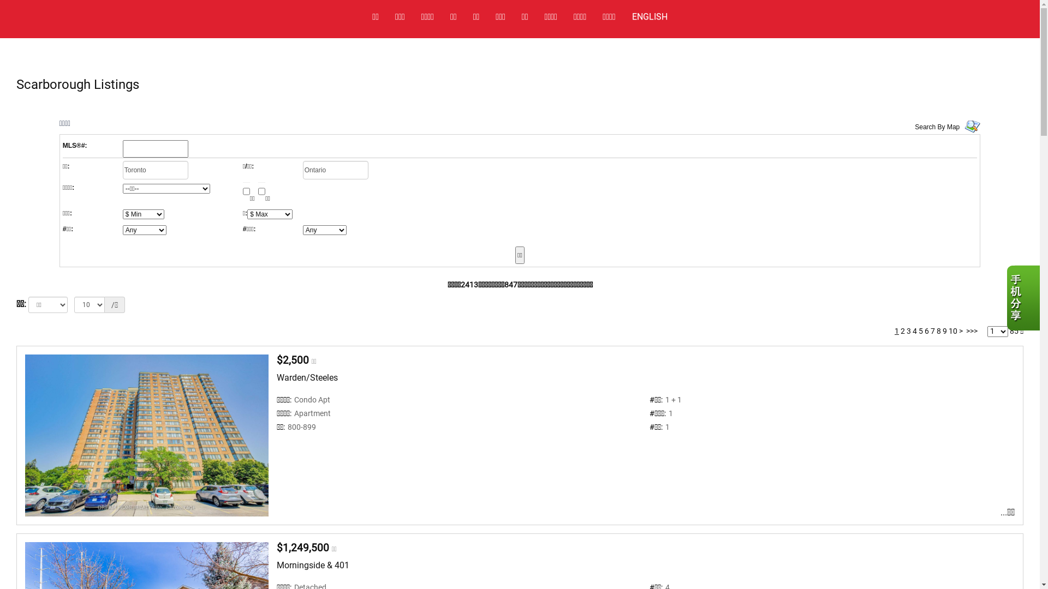  I want to click on 'ENGLISH', so click(650, 13).